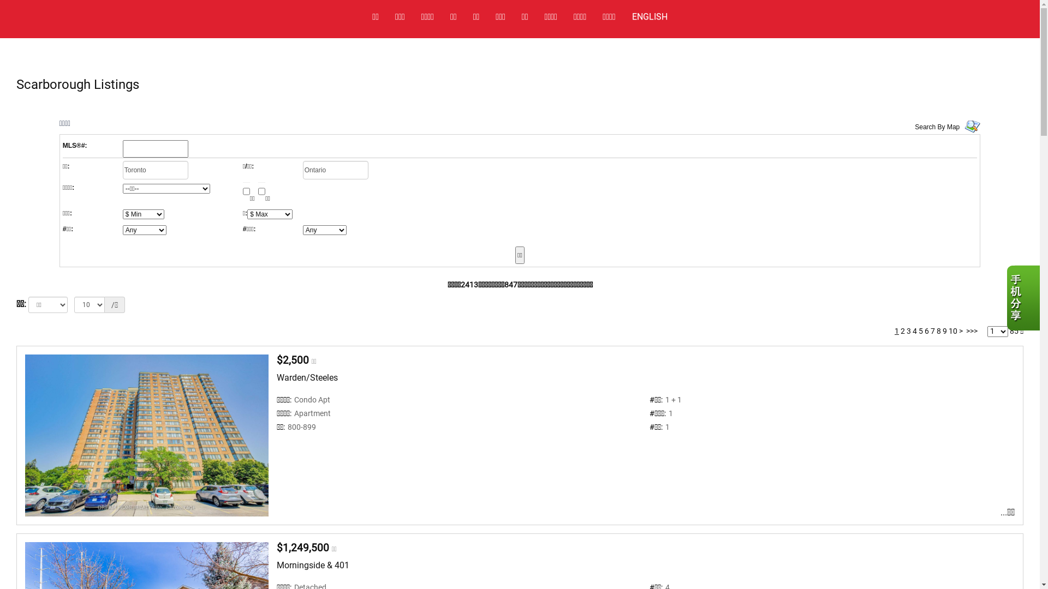  I want to click on 'ENGLISH', so click(650, 13).